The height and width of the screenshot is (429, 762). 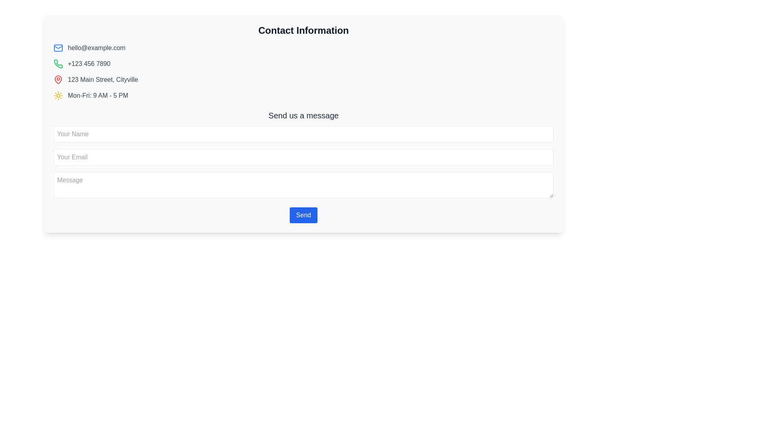 What do you see at coordinates (58, 79) in the screenshot?
I see `the address icon located in the vertical list of icons on the left side of the contact information section` at bounding box center [58, 79].